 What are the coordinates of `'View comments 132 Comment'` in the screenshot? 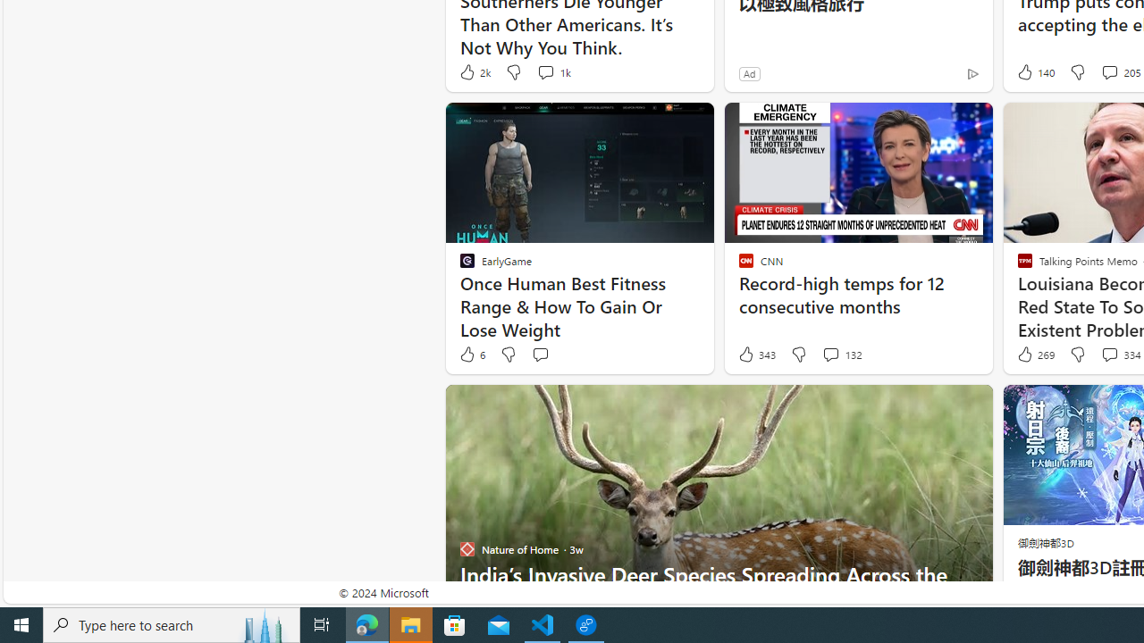 It's located at (841, 355).